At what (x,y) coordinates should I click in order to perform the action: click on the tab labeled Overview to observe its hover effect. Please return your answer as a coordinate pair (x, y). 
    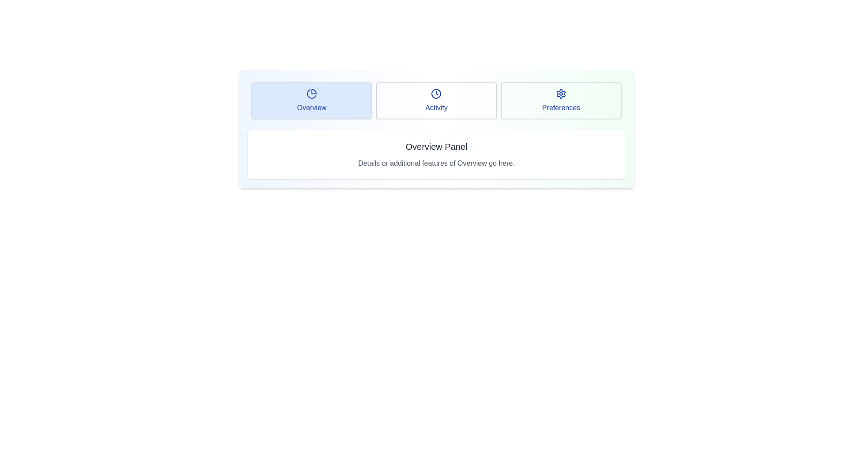
    Looking at the image, I should click on (311, 100).